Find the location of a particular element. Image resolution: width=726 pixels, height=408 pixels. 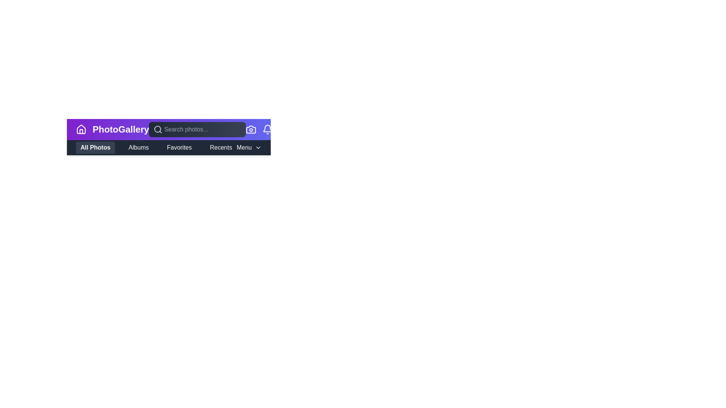

the Albums button to activate the corresponding navigation is located at coordinates (138, 147).